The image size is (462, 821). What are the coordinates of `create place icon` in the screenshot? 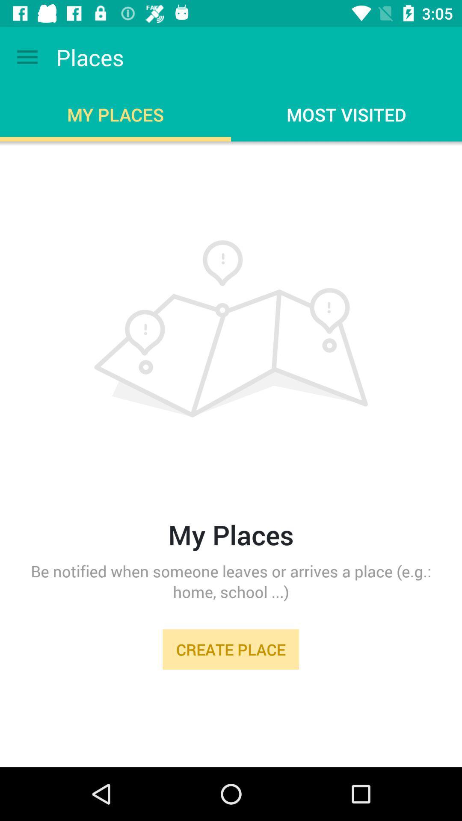 It's located at (230, 649).